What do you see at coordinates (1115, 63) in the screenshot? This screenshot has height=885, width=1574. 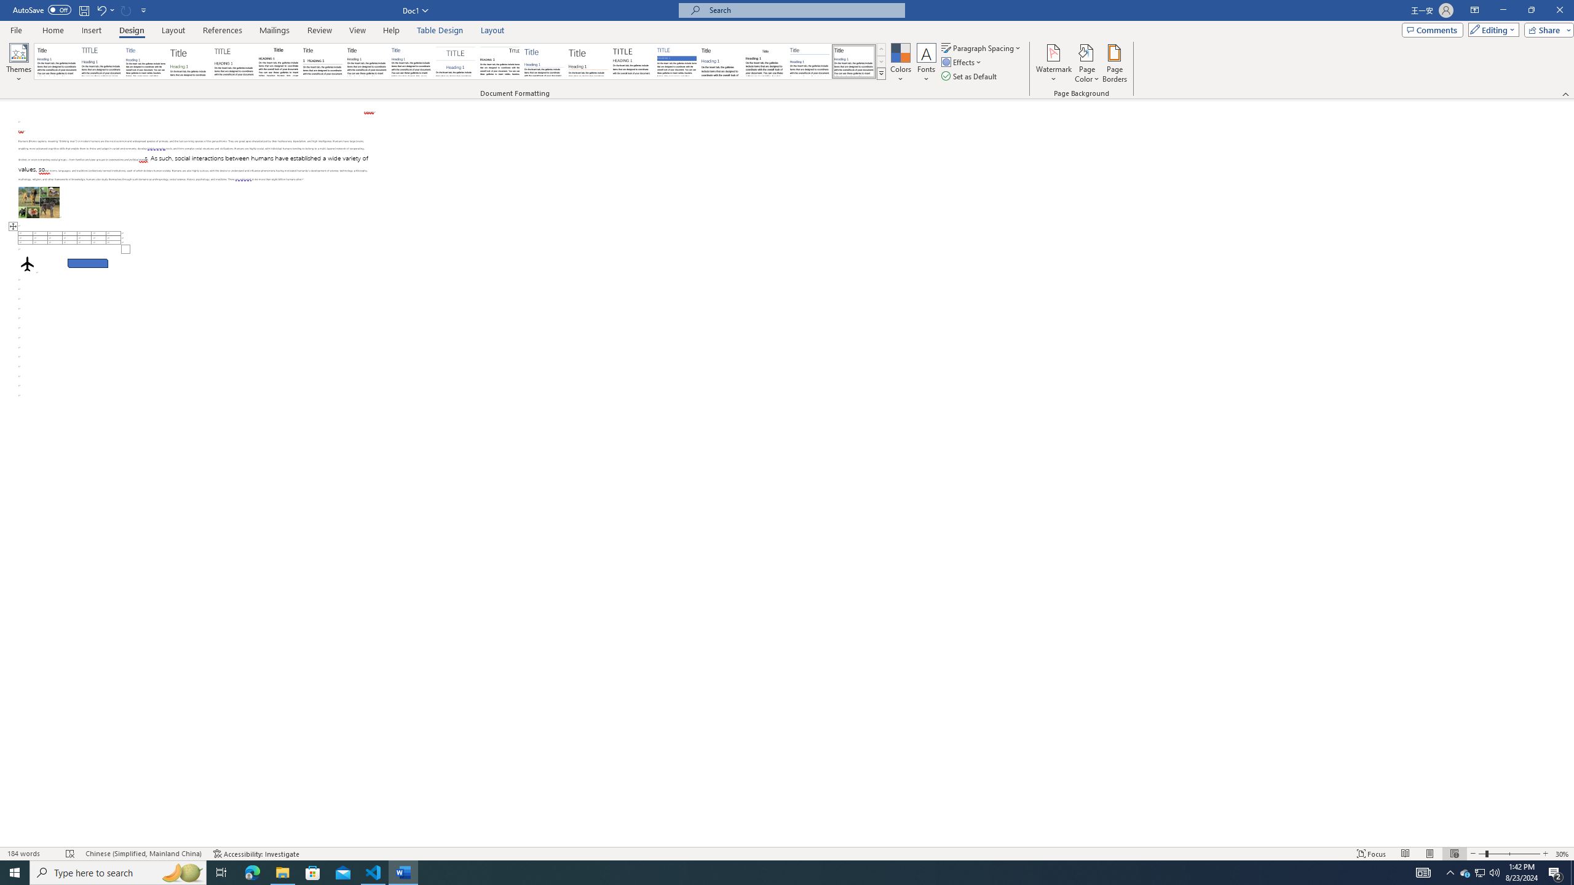 I see `'Page Borders...'` at bounding box center [1115, 63].